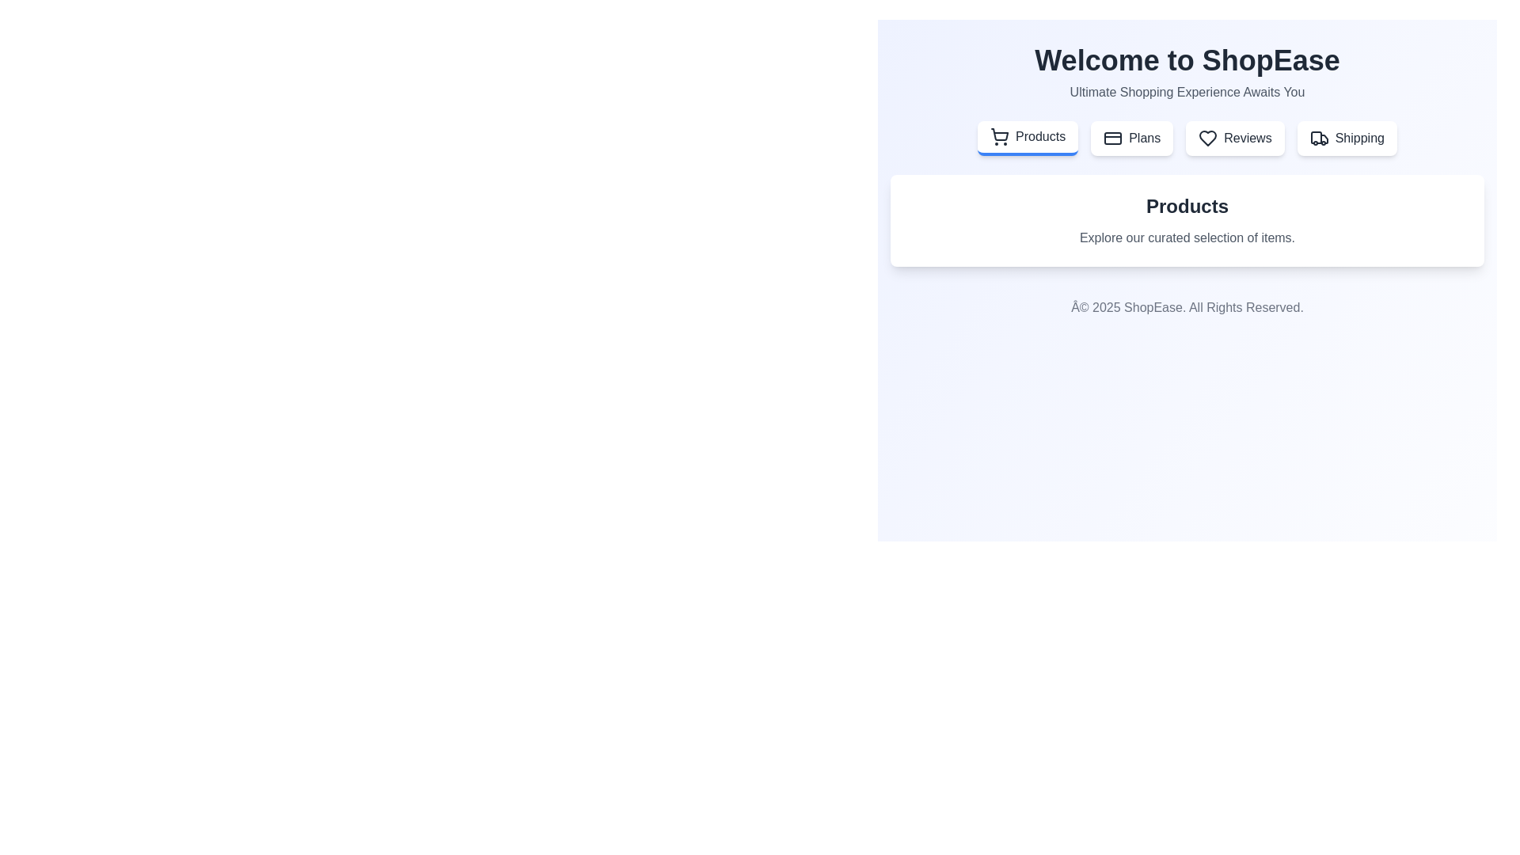 The height and width of the screenshot is (855, 1520). What do you see at coordinates (1131, 137) in the screenshot?
I see `the interactive button labeled 'Plans'` at bounding box center [1131, 137].